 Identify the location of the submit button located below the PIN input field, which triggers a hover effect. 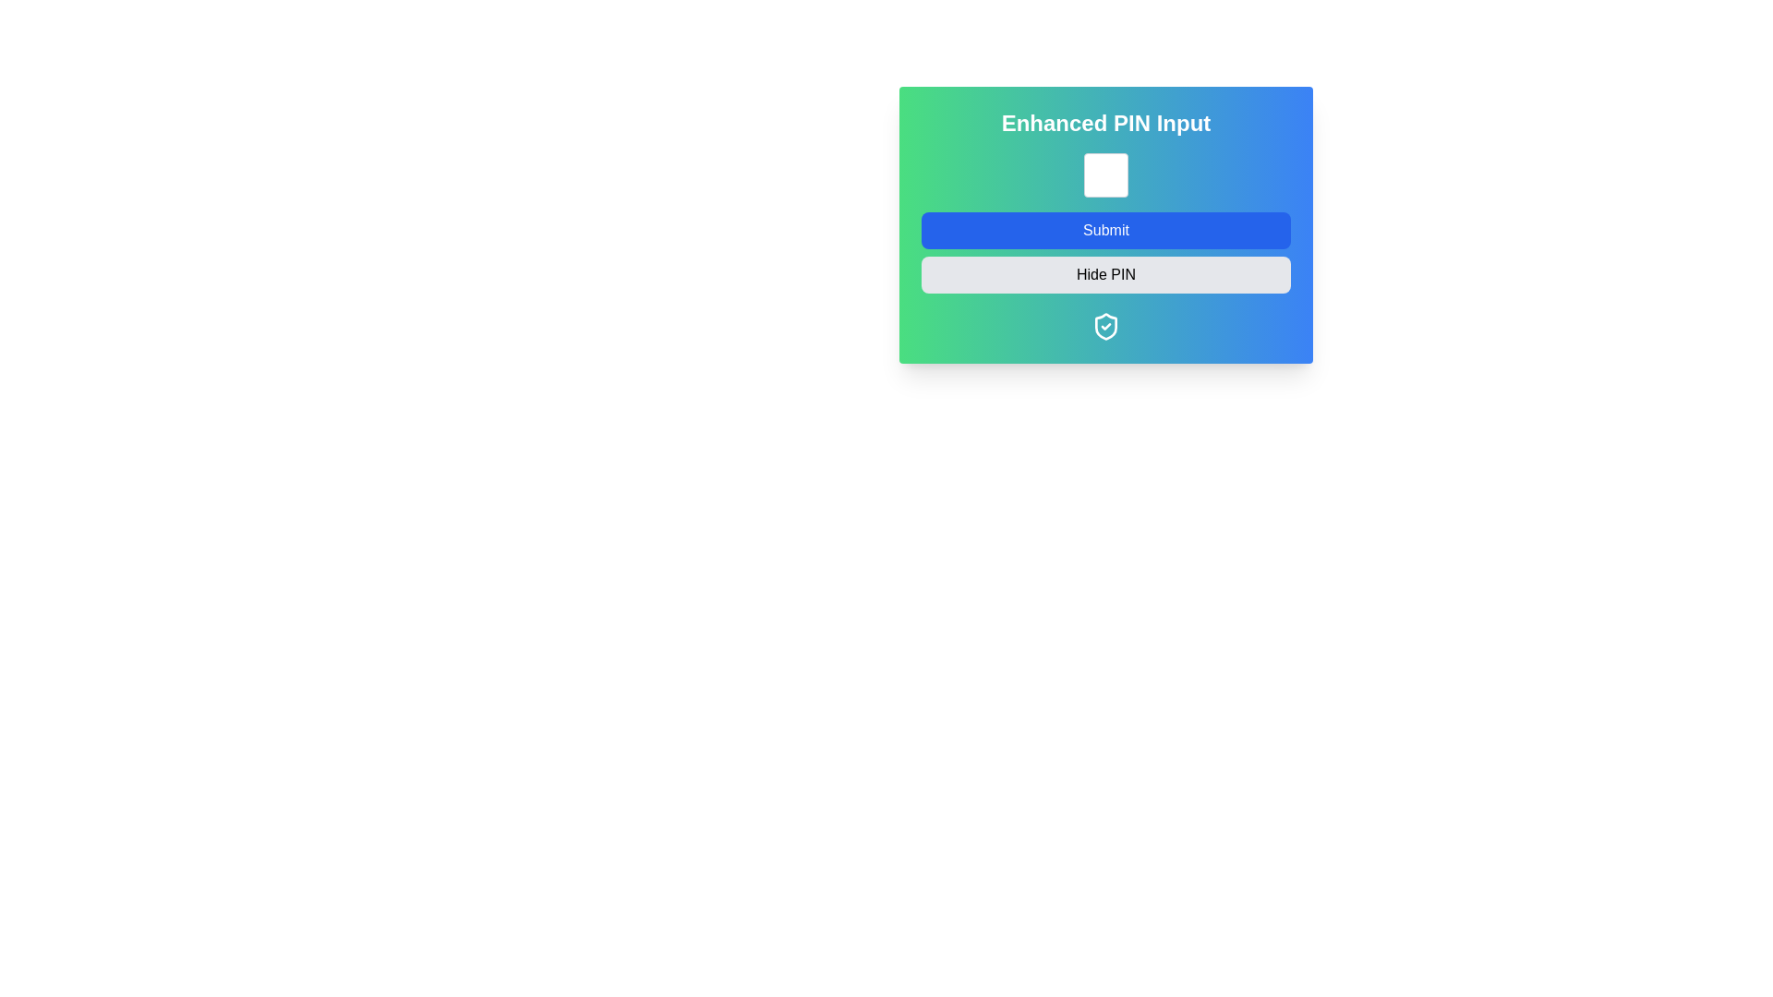
(1106, 223).